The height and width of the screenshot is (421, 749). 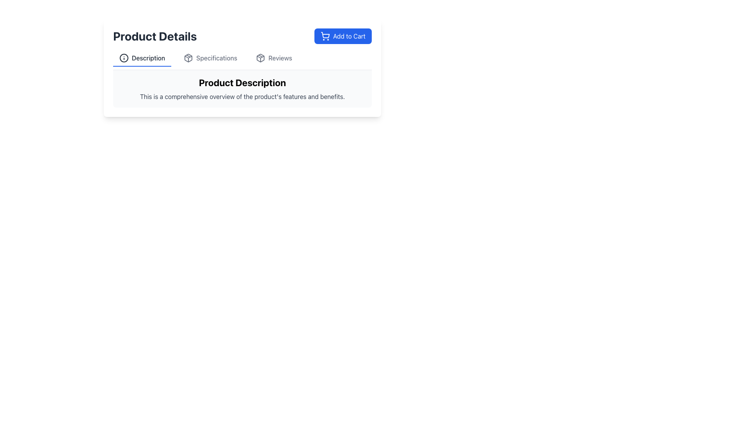 I want to click on the active 'Description' tab, which is the first tab among three tabs labeled 'Description', 'Specifications', and 'Reviews', so click(x=142, y=58).